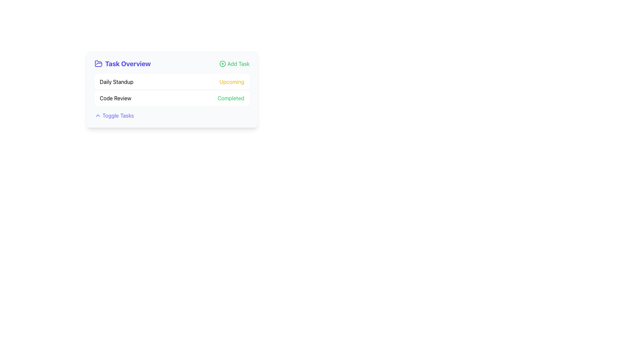  Describe the element at coordinates (232, 82) in the screenshot. I see `the Static Text Label indicating the status of the 'Daily Standup' task, which is positioned under the 'Task Overview' section` at that location.